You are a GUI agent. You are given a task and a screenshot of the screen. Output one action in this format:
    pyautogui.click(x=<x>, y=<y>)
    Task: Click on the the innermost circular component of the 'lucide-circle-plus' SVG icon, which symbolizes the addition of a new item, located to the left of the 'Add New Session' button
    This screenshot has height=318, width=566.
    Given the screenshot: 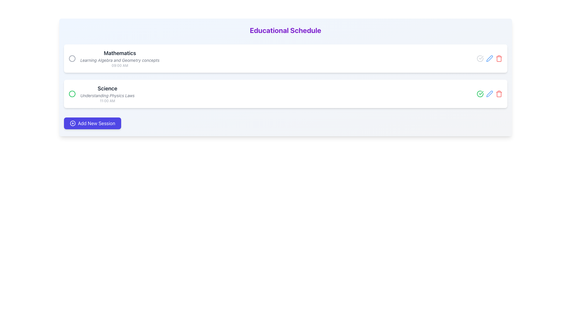 What is the action you would take?
    pyautogui.click(x=72, y=123)
    